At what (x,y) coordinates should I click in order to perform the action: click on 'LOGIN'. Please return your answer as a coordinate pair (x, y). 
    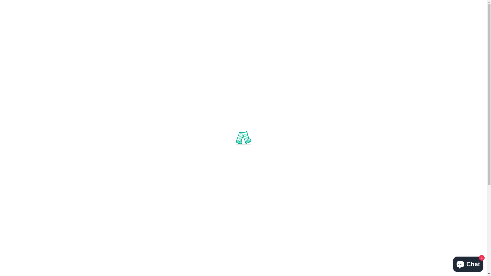
    Looking at the image, I should click on (377, 5).